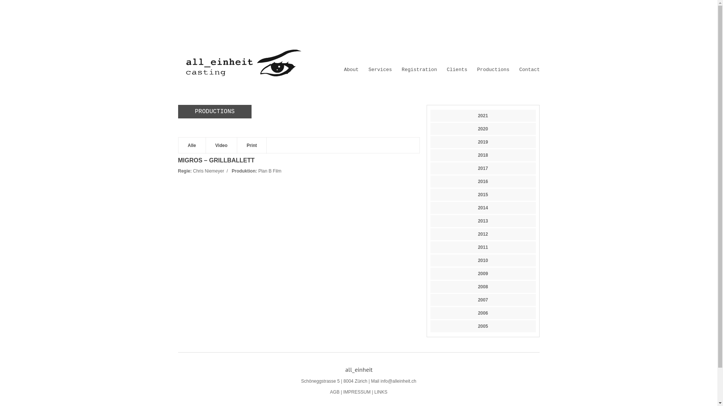 This screenshot has width=723, height=406. What do you see at coordinates (477, 247) in the screenshot?
I see `'2011'` at bounding box center [477, 247].